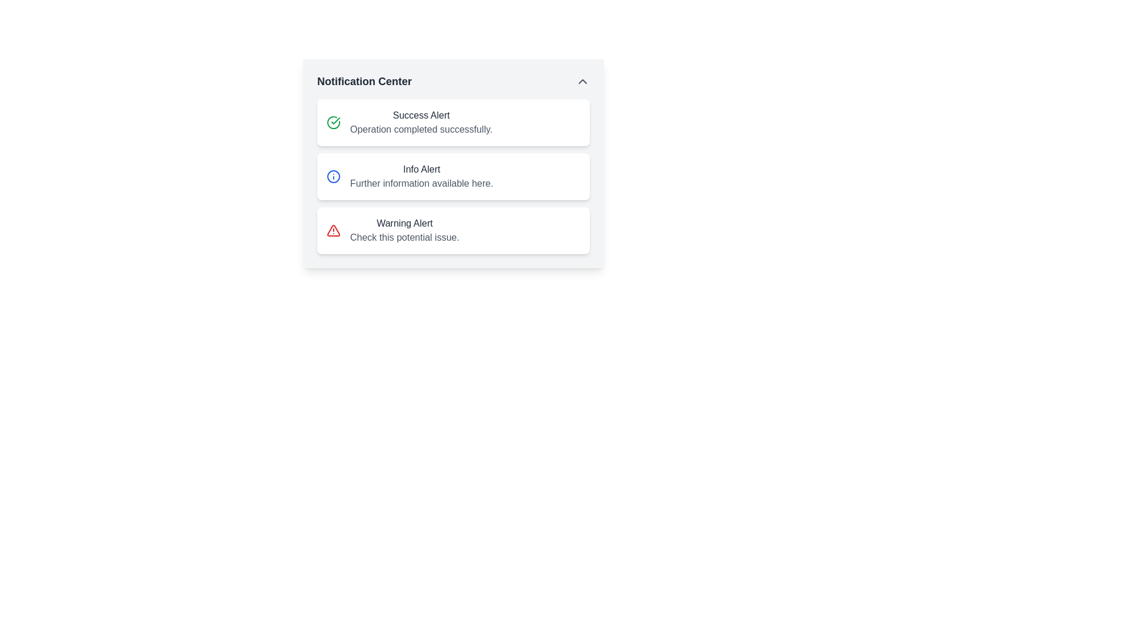  Describe the element at coordinates (421, 183) in the screenshot. I see `the text element reading 'Further information available here.' which is styled in gray and located below the bold title 'Info Alert'` at that location.